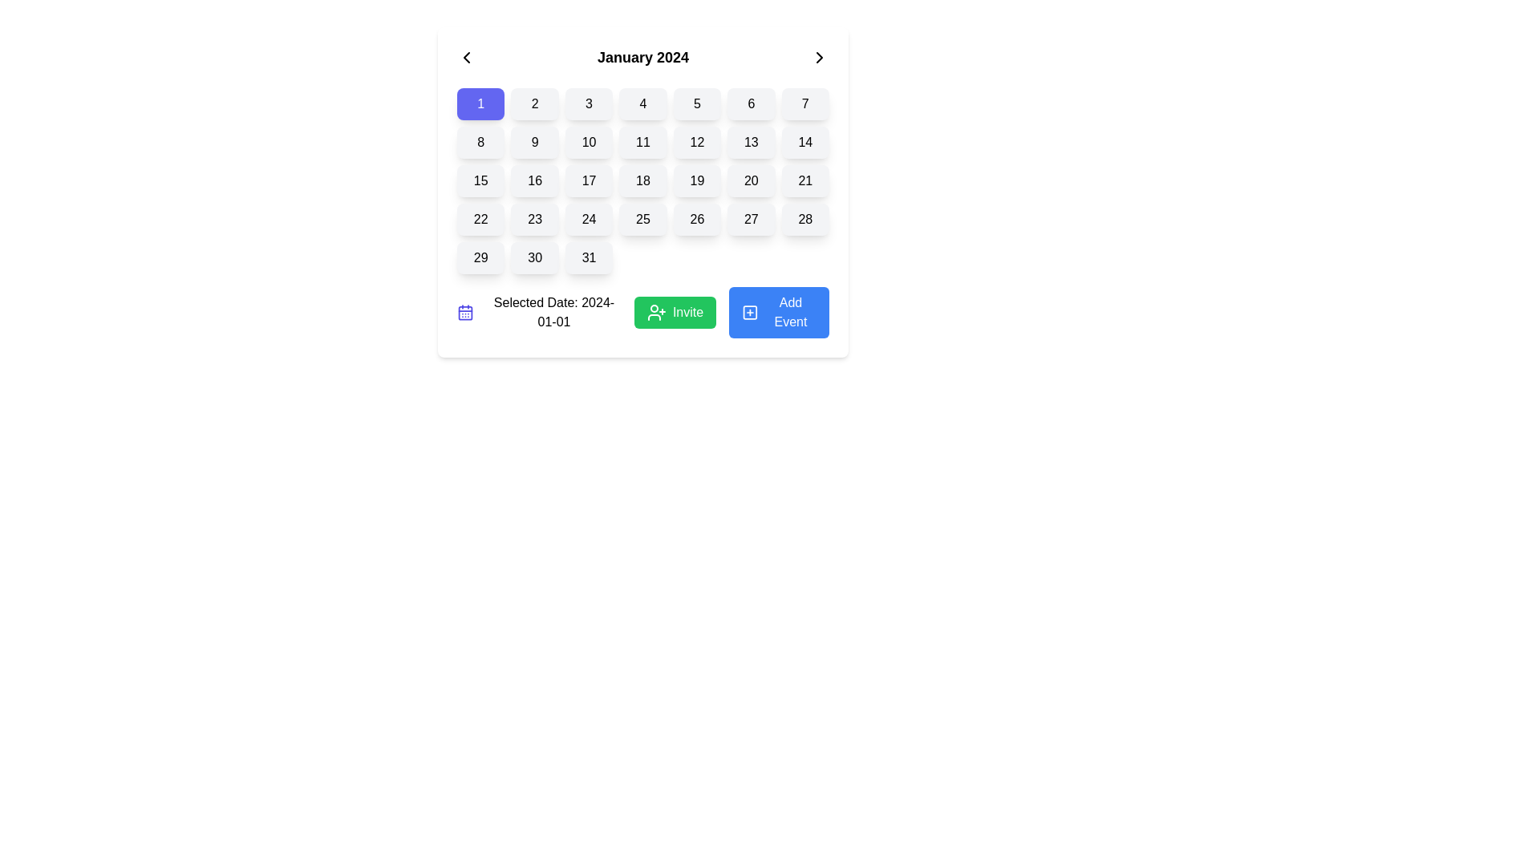  I want to click on the rightward-pointing chevron icon located at the far-right of the header section displaying 'January 2024', so click(820, 57).